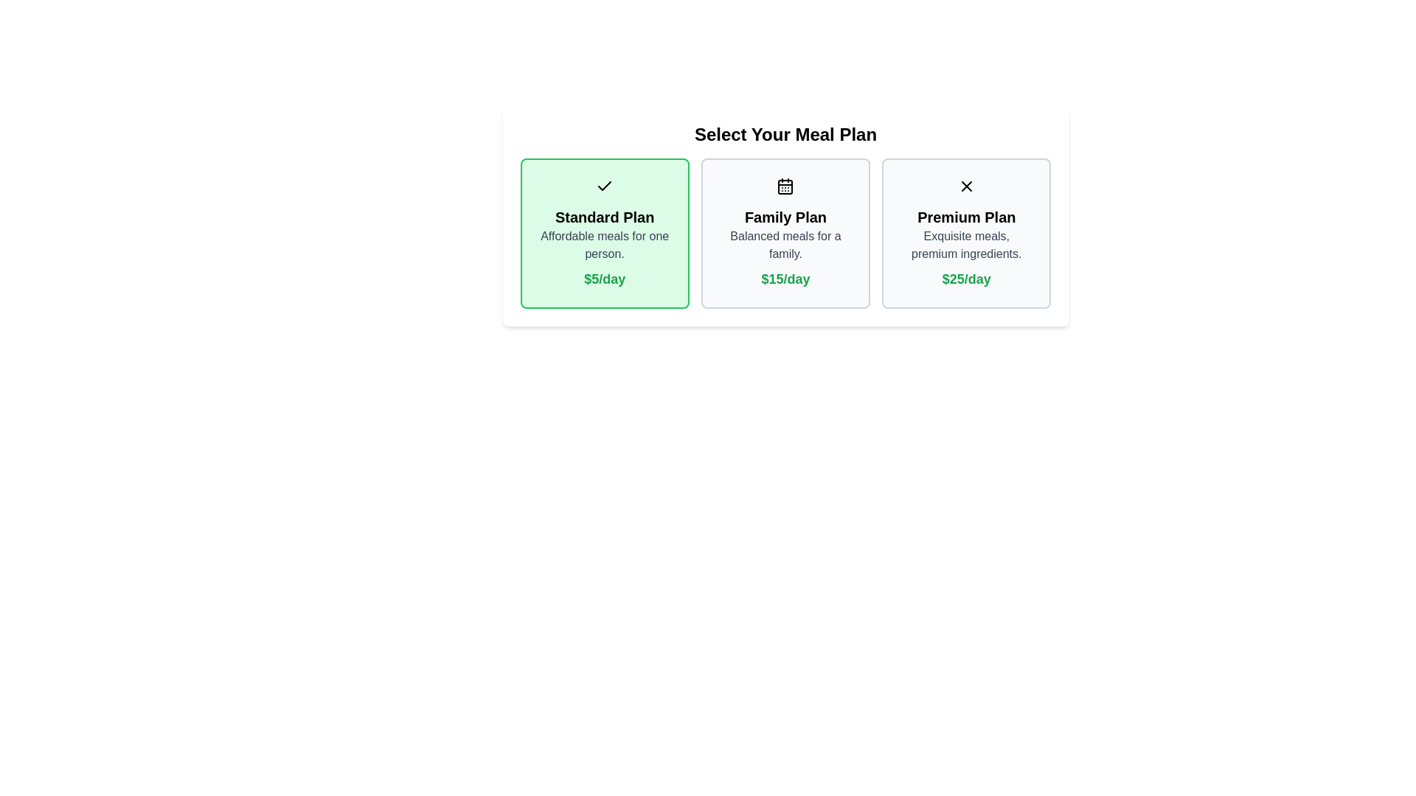 The image size is (1416, 796). What do you see at coordinates (785, 244) in the screenshot?
I see `the text section displaying 'Balanced meals for a family.' located below the 'Family Plan' title and above the '$15/day' price tag in the 'Select Your Meal Plan' section` at bounding box center [785, 244].